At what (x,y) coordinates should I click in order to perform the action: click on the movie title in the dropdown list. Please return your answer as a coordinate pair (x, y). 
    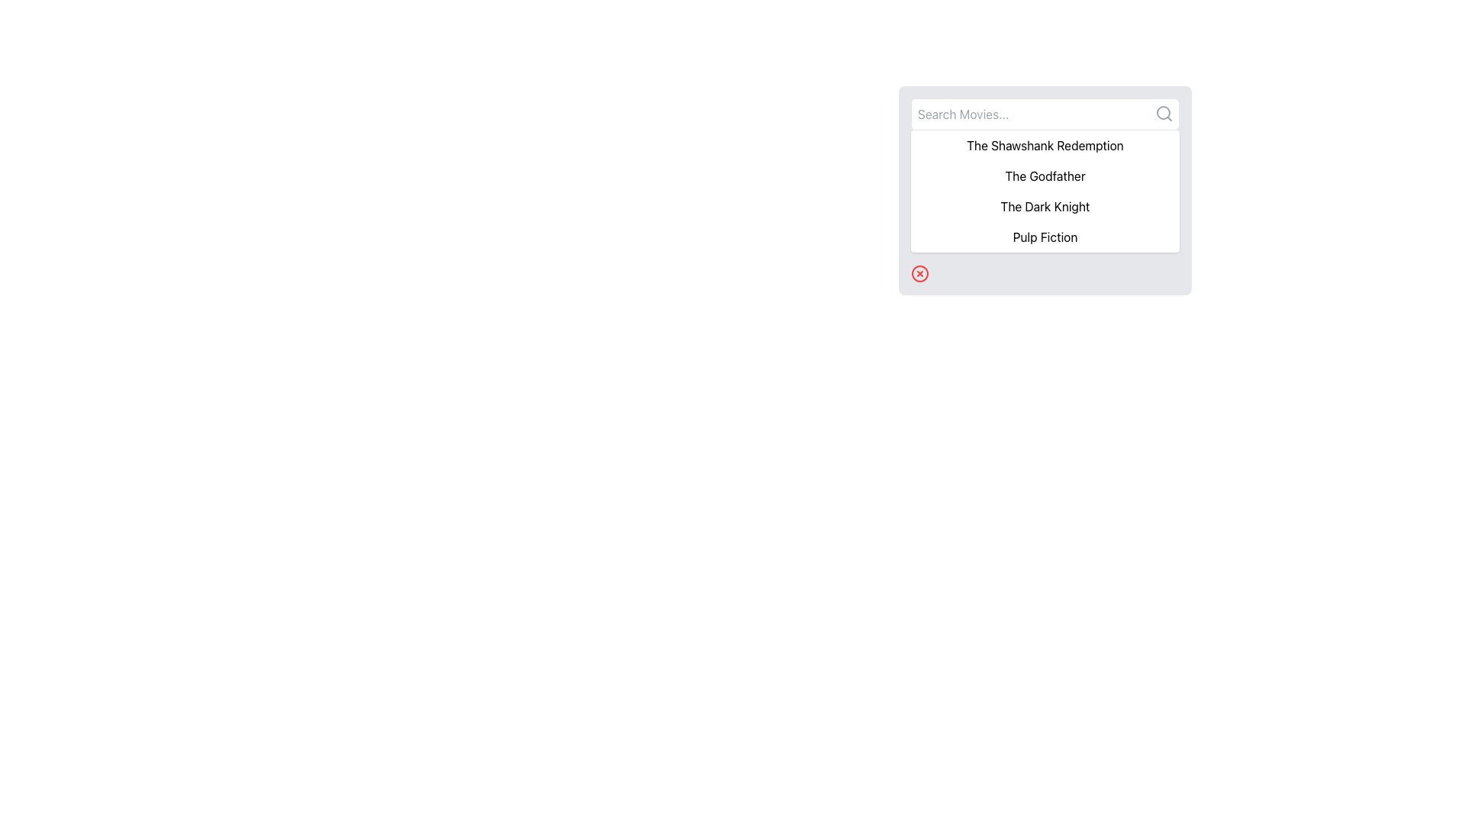
    Looking at the image, I should click on (1044, 175).